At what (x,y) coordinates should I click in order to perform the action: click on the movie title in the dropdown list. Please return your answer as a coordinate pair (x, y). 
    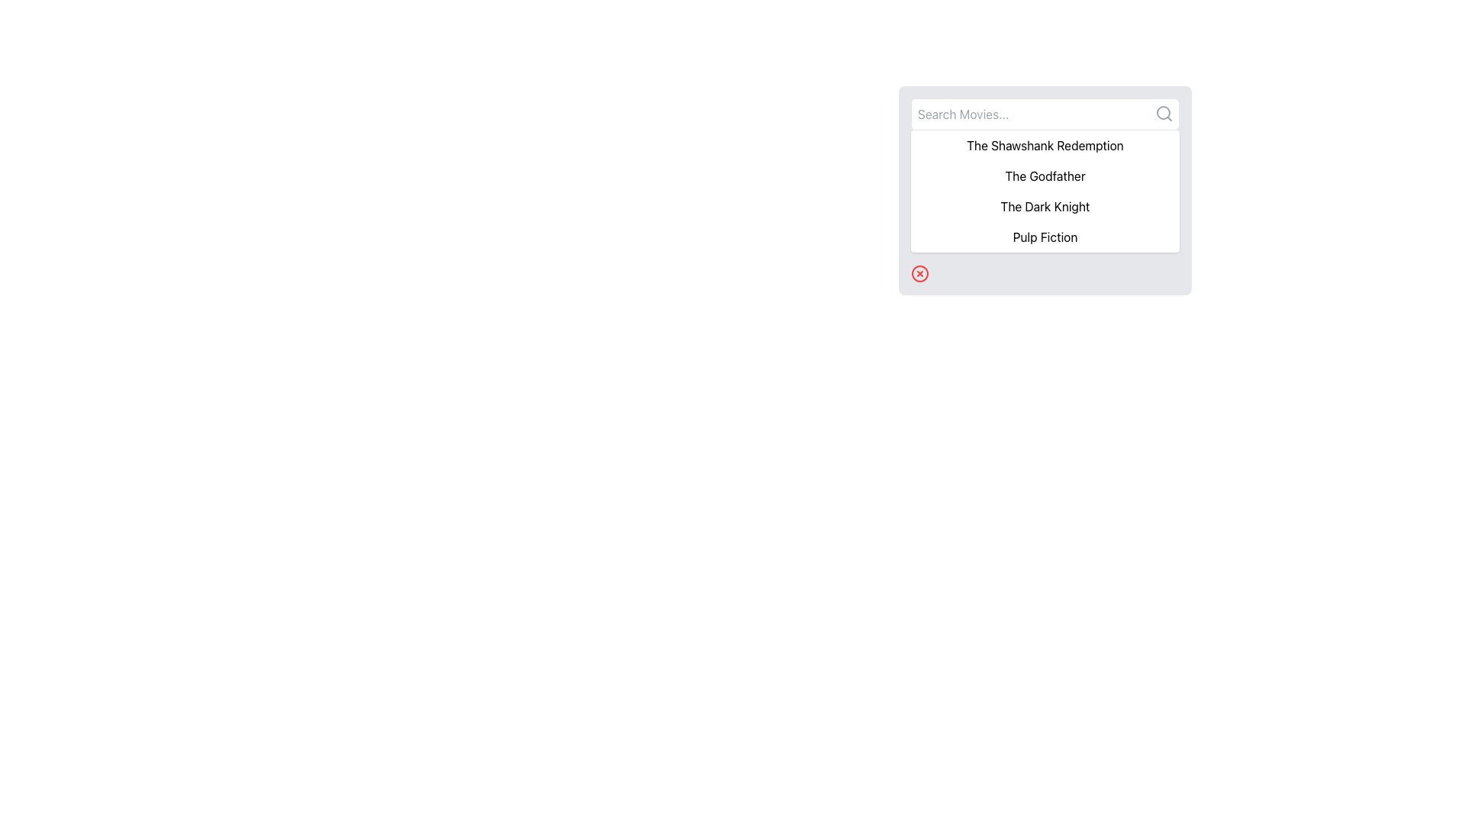
    Looking at the image, I should click on (1044, 175).